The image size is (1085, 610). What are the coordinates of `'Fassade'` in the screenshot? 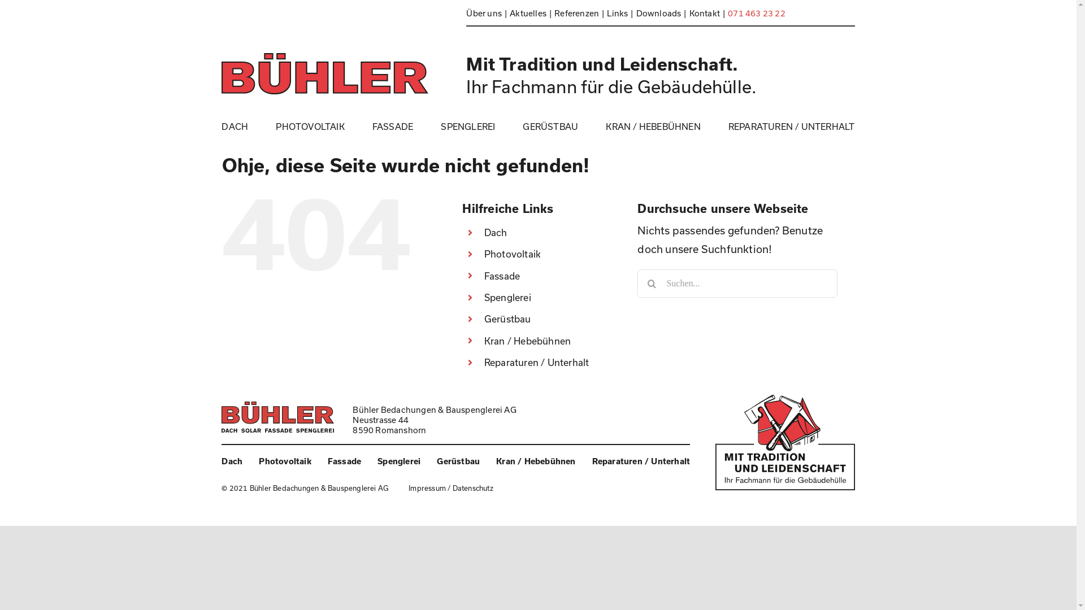 It's located at (344, 461).